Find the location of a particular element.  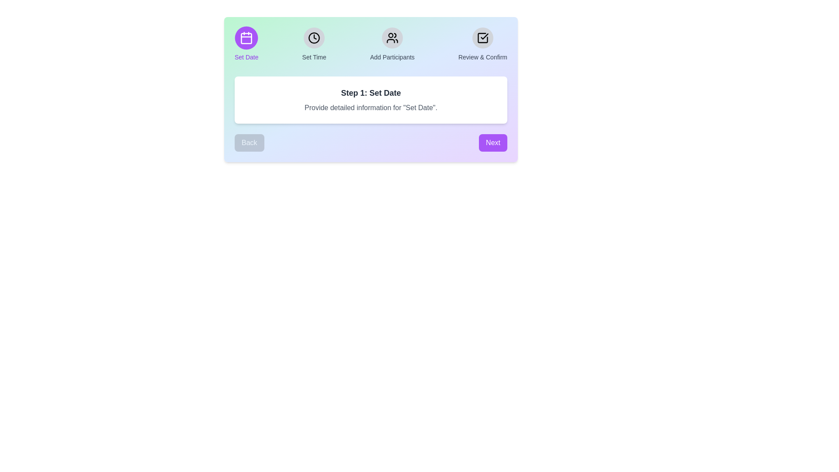

the icon corresponding to the step 'Set Time' to view its details is located at coordinates (314, 38).